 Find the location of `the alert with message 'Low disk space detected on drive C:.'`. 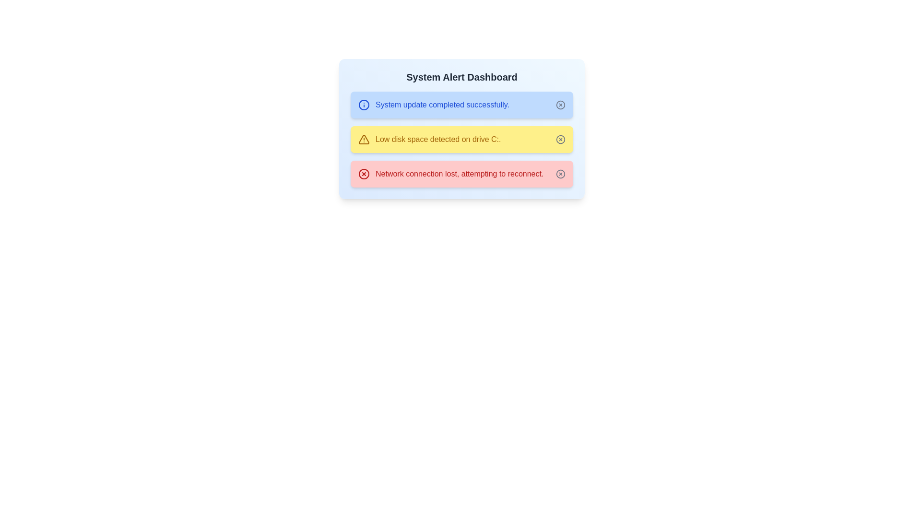

the alert with message 'Low disk space detected on drive C:.' is located at coordinates (429, 139).